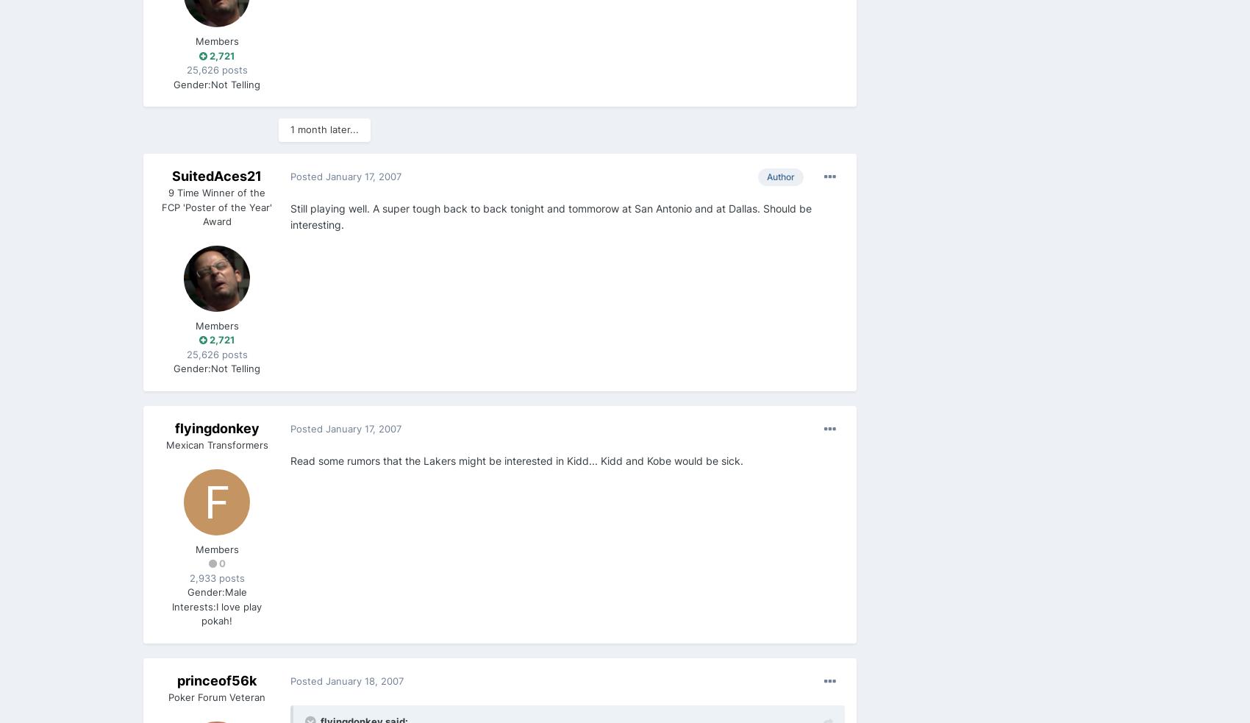  Describe the element at coordinates (550, 216) in the screenshot. I see `'Still playing well.  A super tough back to back tonight and tommorow at San Antonio and at Dallas.  Should be interesting.'` at that location.